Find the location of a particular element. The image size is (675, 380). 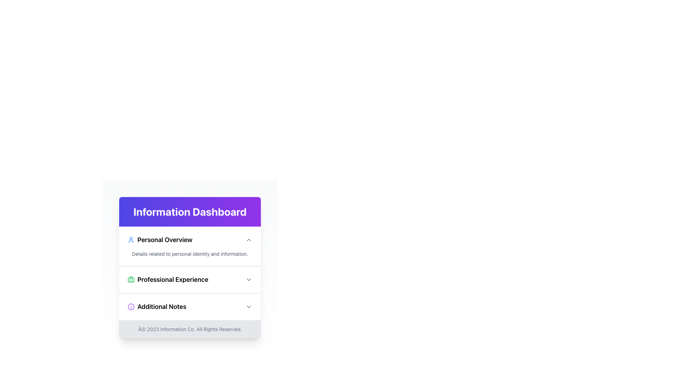

the copyright information text located at the bottom of the interface in the light gray footer bar is located at coordinates (190, 329).